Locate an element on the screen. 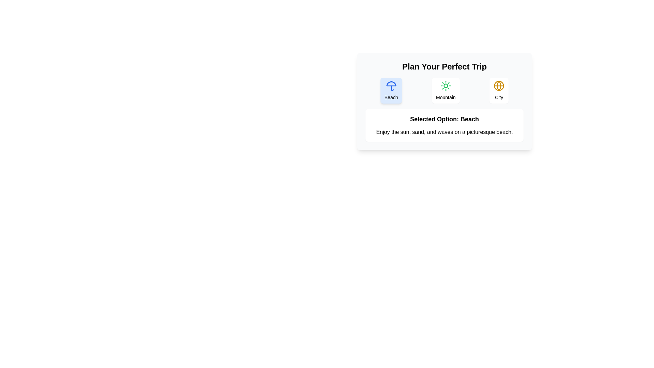 This screenshot has width=654, height=368. the 'Beach' icon, which is the leftmost element in the horizontal selection trio titled 'Plan Your Perfect Trip', located directly above the 'Beach' text label is located at coordinates (391, 85).